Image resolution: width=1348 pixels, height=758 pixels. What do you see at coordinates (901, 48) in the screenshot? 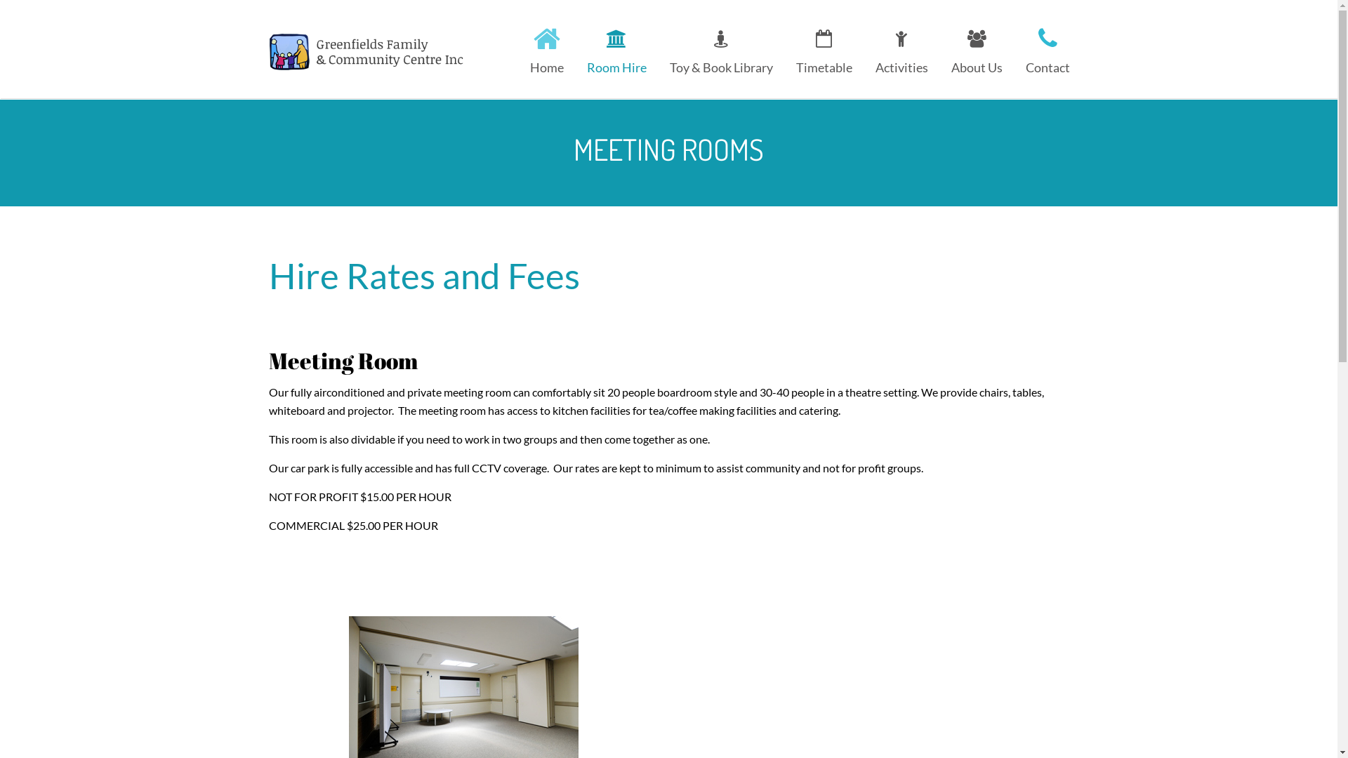
I see `'Activities'` at bounding box center [901, 48].